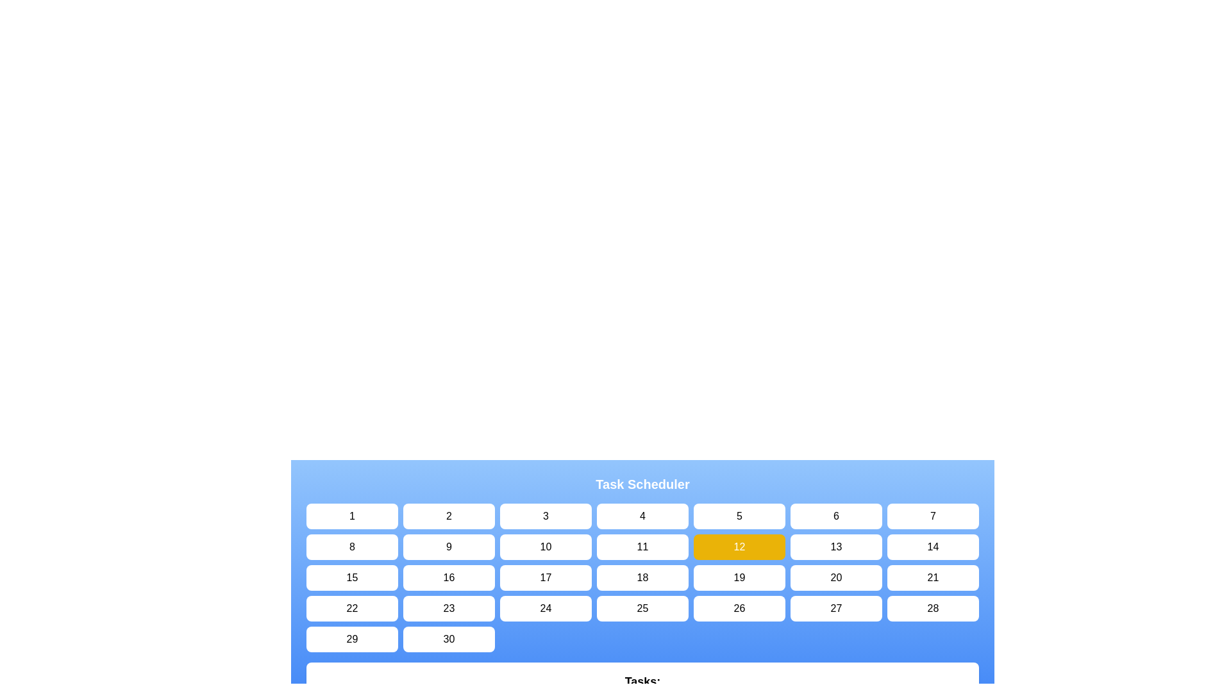  I want to click on the button labeled '19' in the grid, located in the third row and fifth column, so click(739, 578).